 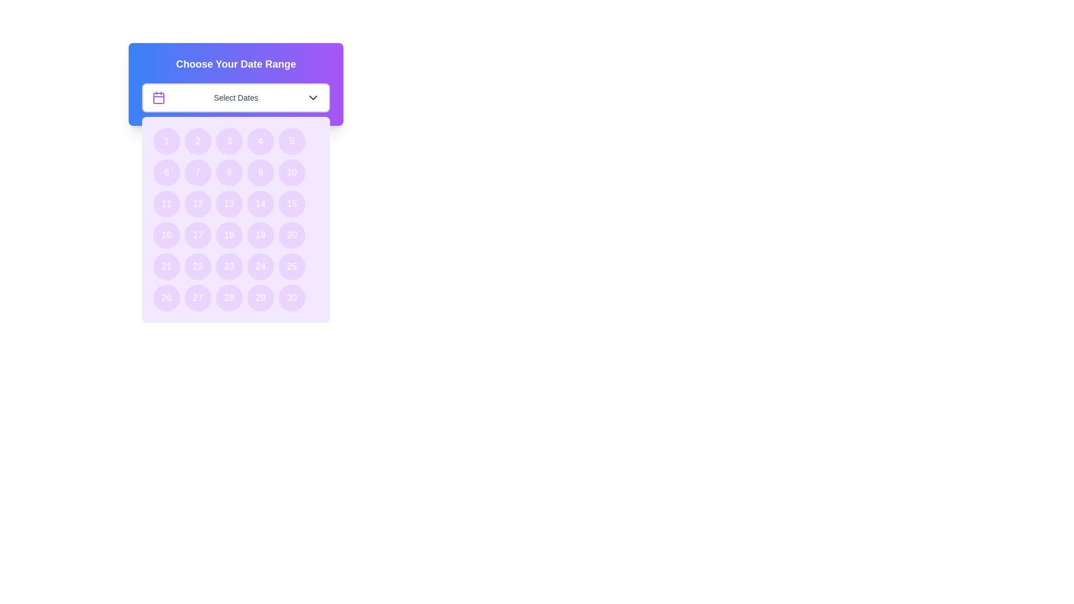 What do you see at coordinates (228, 141) in the screenshot?
I see `the circular light purple button with the number '3' centered in white` at bounding box center [228, 141].